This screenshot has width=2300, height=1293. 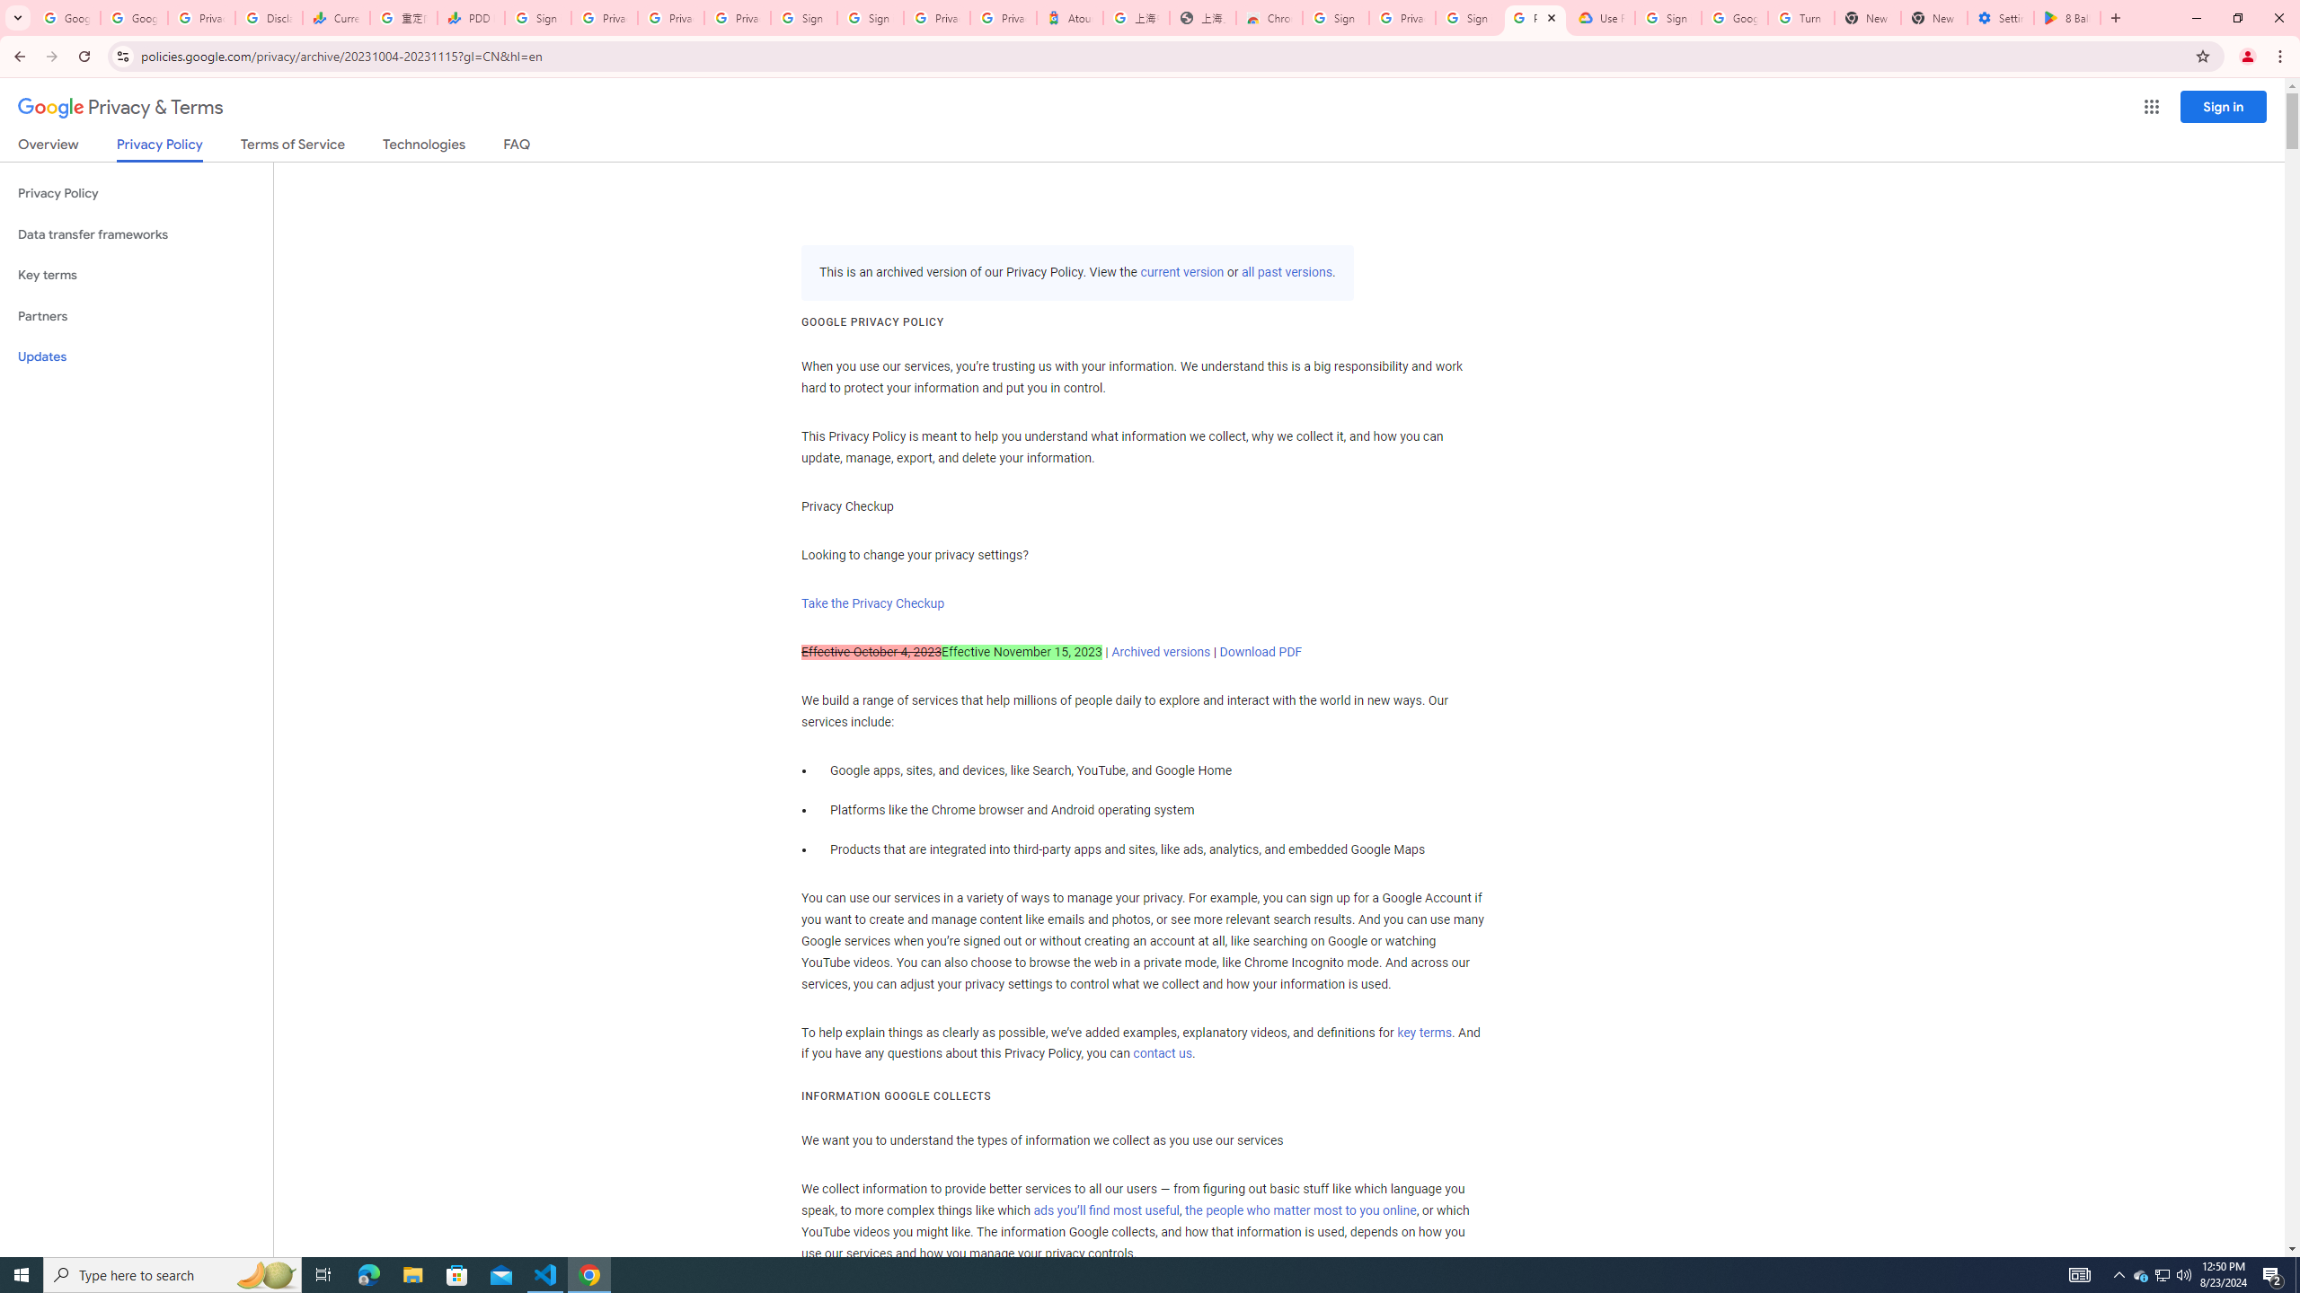 What do you see at coordinates (1300, 1209) in the screenshot?
I see `'the people who matter most to you online'` at bounding box center [1300, 1209].